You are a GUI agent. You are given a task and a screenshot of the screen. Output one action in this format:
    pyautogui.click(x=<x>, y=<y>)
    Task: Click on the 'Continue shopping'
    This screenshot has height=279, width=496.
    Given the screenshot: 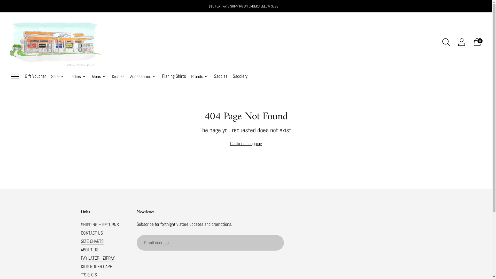 What is the action you would take?
    pyautogui.click(x=246, y=143)
    